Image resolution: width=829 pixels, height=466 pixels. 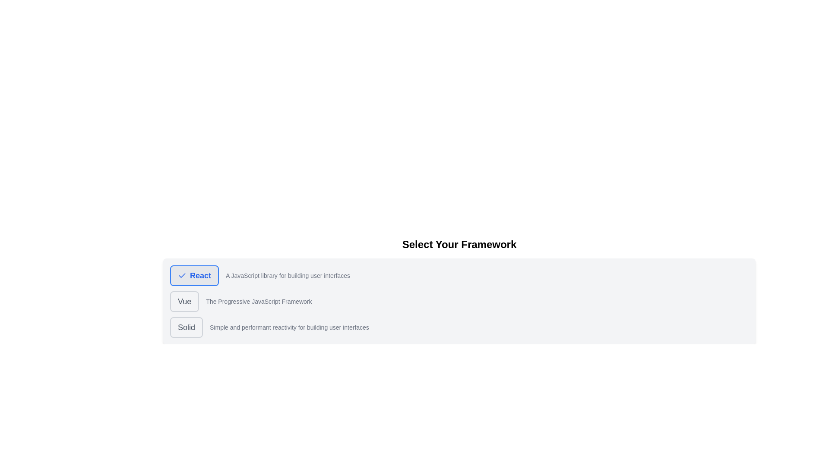 What do you see at coordinates (288, 276) in the screenshot?
I see `the descriptive text label that provides additional information about the React framework, positioned to the right of the primary React button` at bounding box center [288, 276].